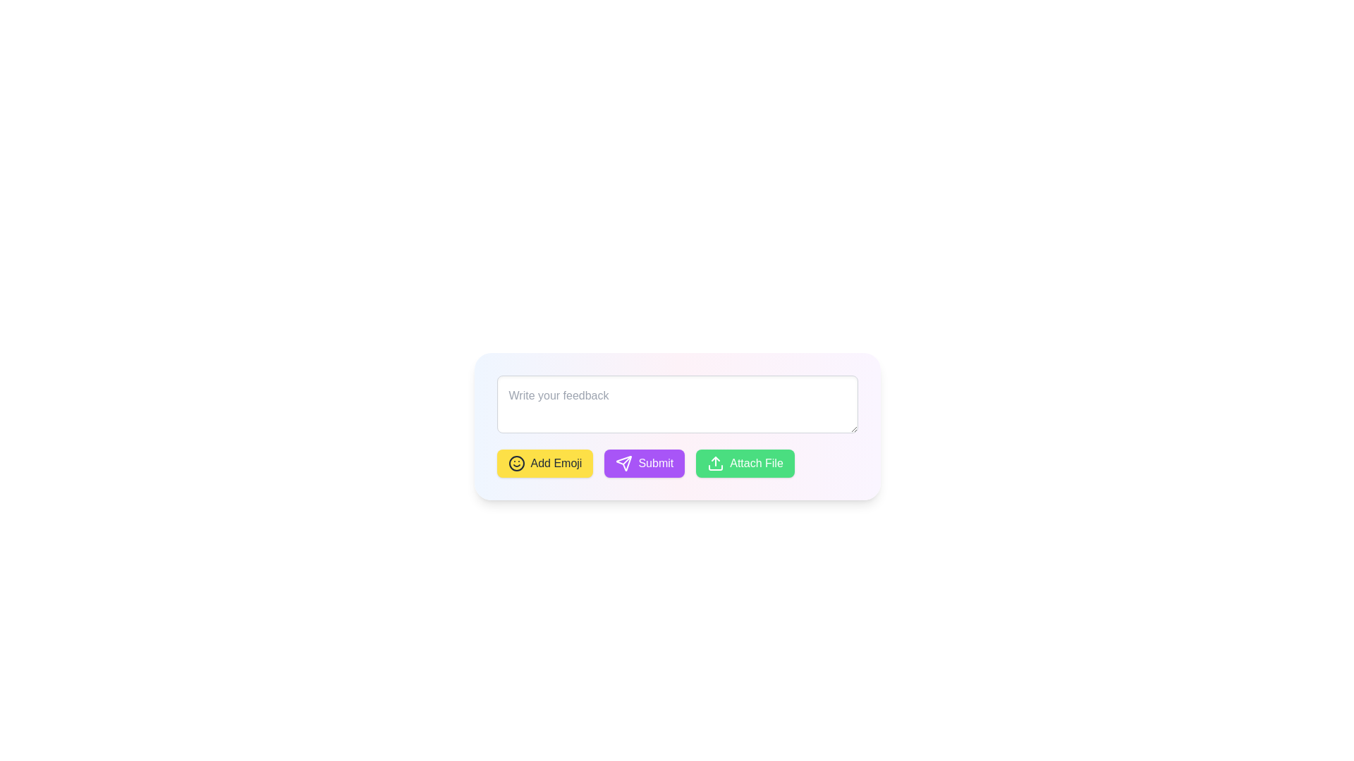 This screenshot has height=761, width=1354. Describe the element at coordinates (623, 464) in the screenshot. I see `the stylized send icon, which resembles a paper plane and is located within the 'Submit' button area at the bottom center of the interface` at that location.